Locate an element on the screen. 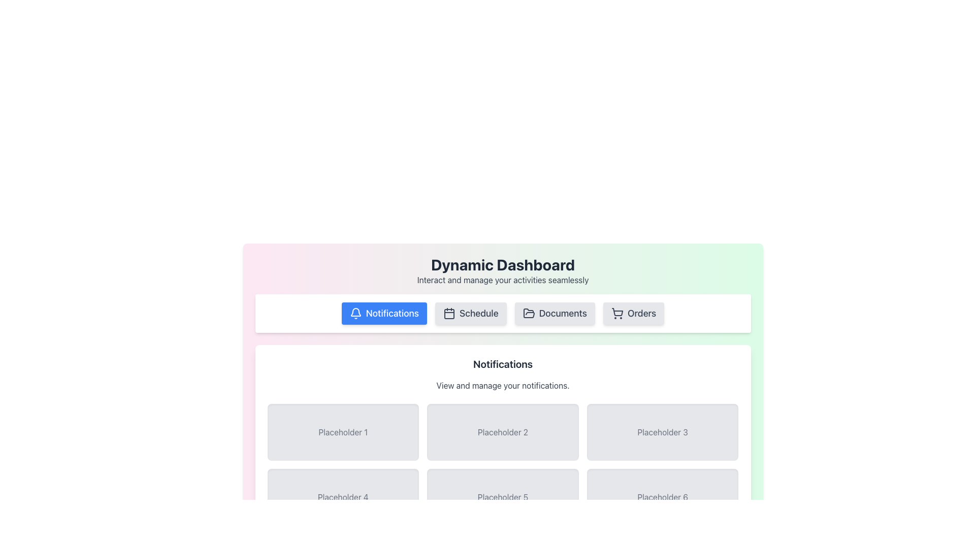 The image size is (975, 548). the 'Notifications' textual header, which is styled with a larger font size, bold formatting, and centered alignment, located within a darker section above a descriptive text block is located at coordinates (503, 363).